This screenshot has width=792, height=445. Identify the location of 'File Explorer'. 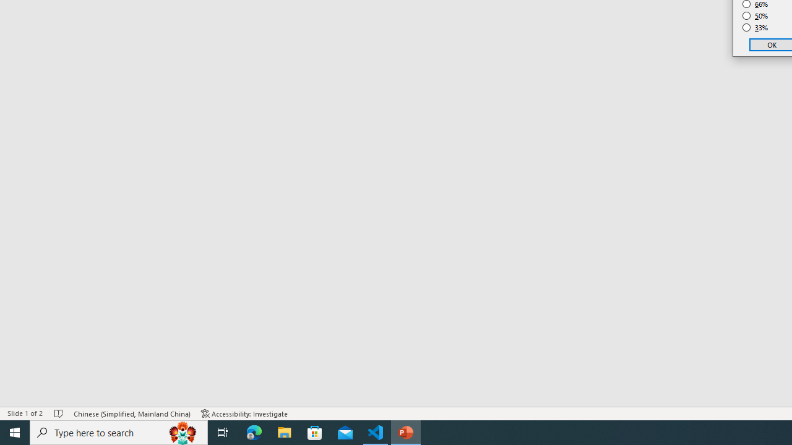
(284, 431).